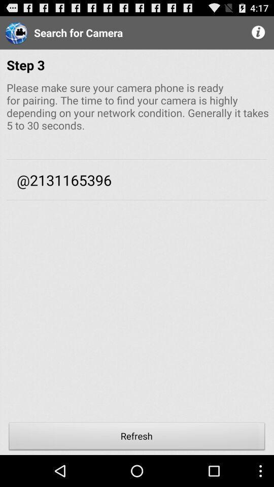  I want to click on the item above refresh icon, so click(137, 317).